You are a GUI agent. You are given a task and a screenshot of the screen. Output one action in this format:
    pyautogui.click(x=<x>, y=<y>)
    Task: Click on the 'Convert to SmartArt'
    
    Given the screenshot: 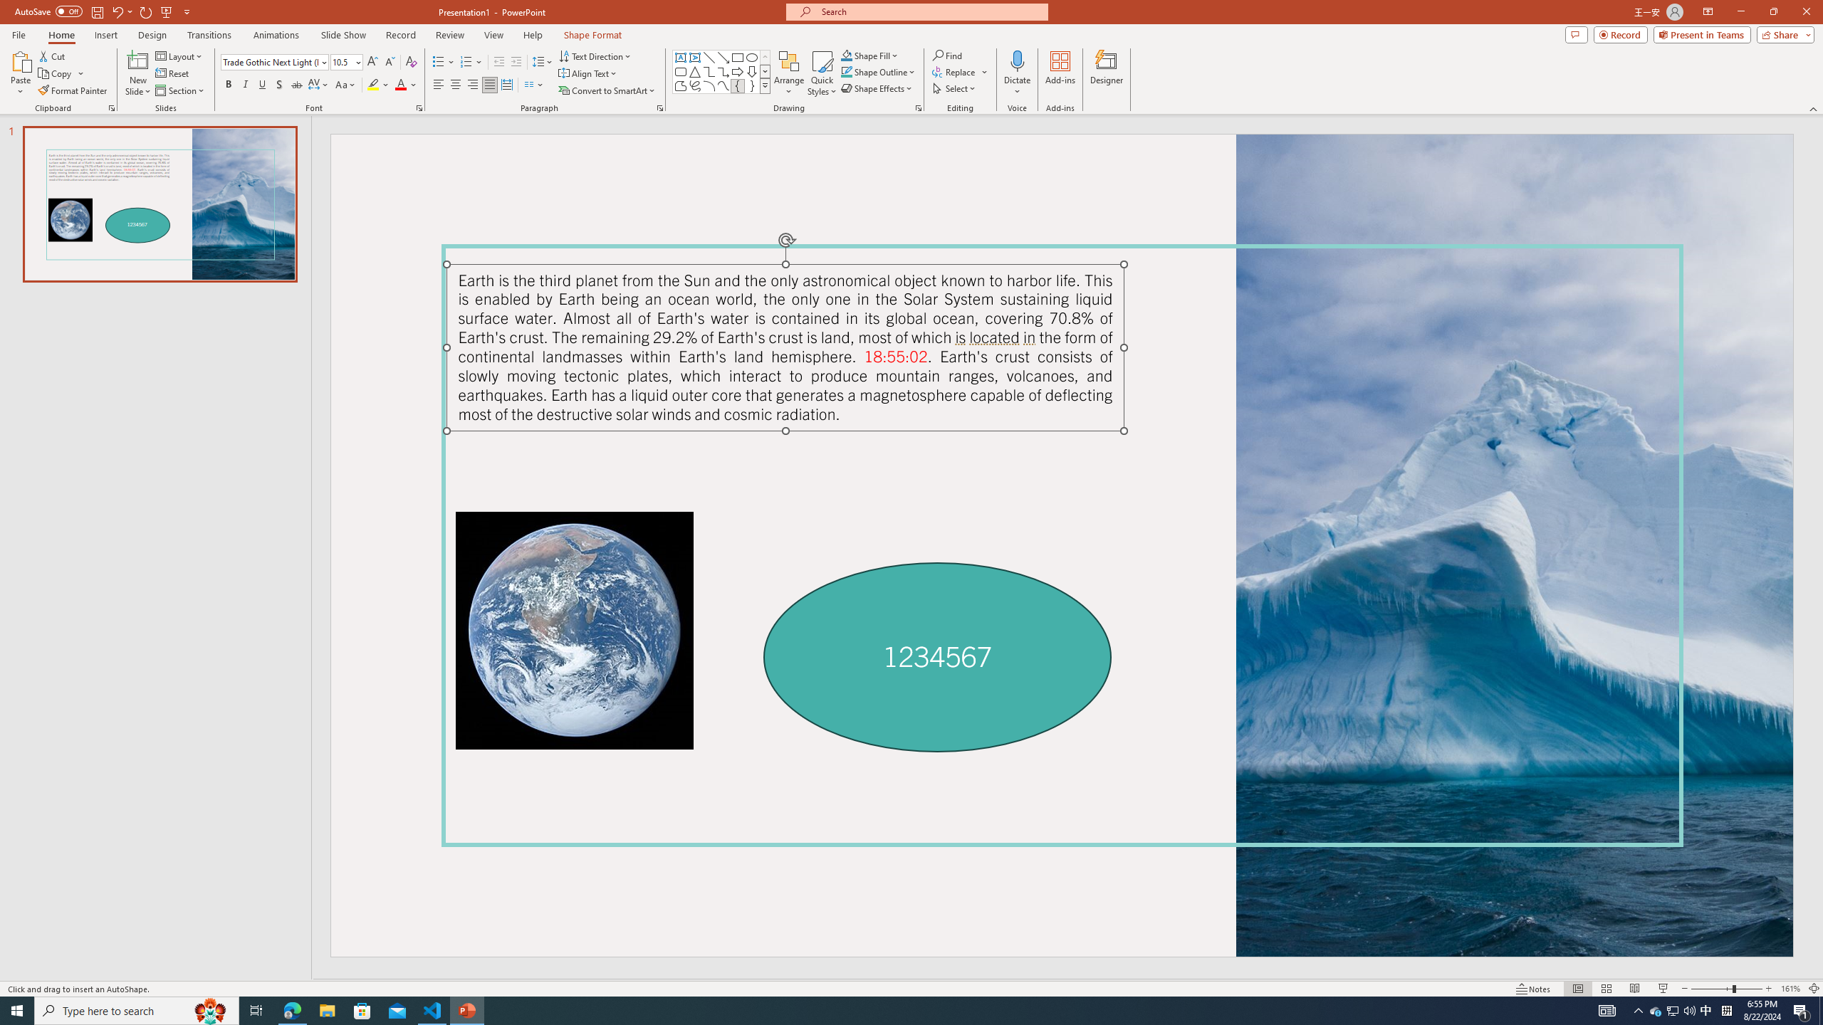 What is the action you would take?
    pyautogui.click(x=607, y=90)
    